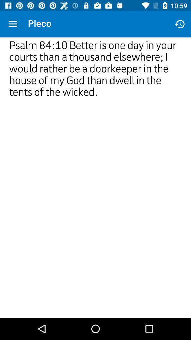  What do you see at coordinates (95, 113) in the screenshot?
I see `psalm 84 10 item` at bounding box center [95, 113].